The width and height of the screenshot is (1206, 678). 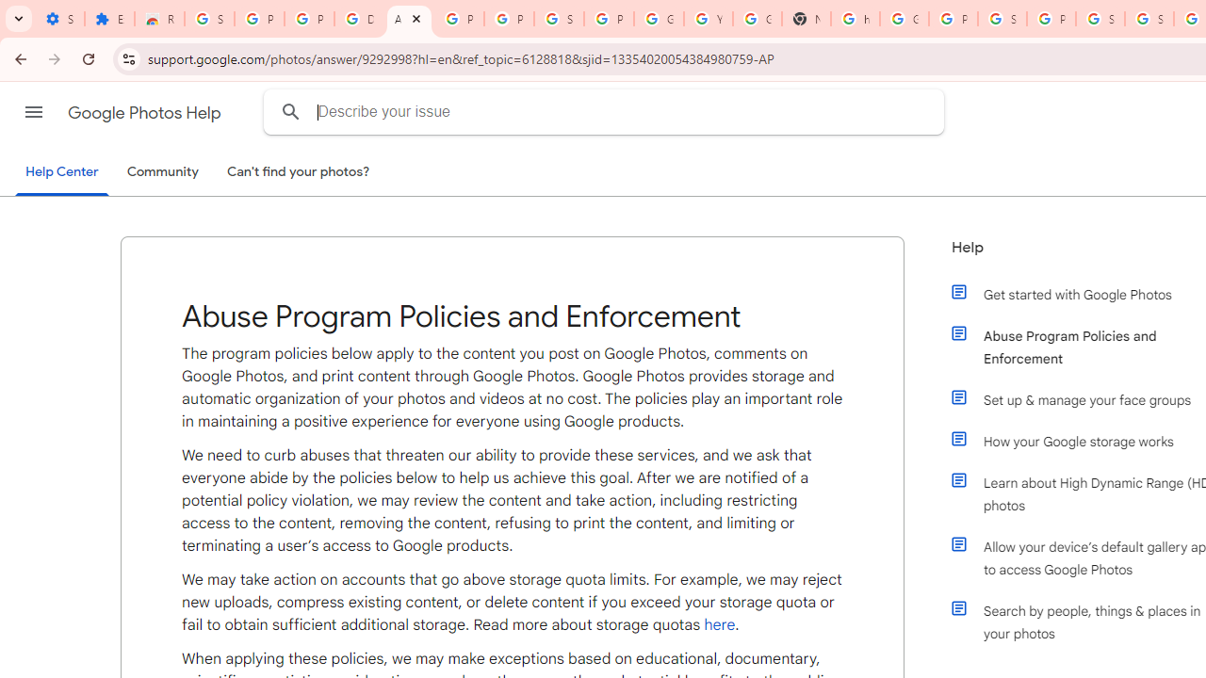 What do you see at coordinates (61, 172) in the screenshot?
I see `'Help Center'` at bounding box center [61, 172].